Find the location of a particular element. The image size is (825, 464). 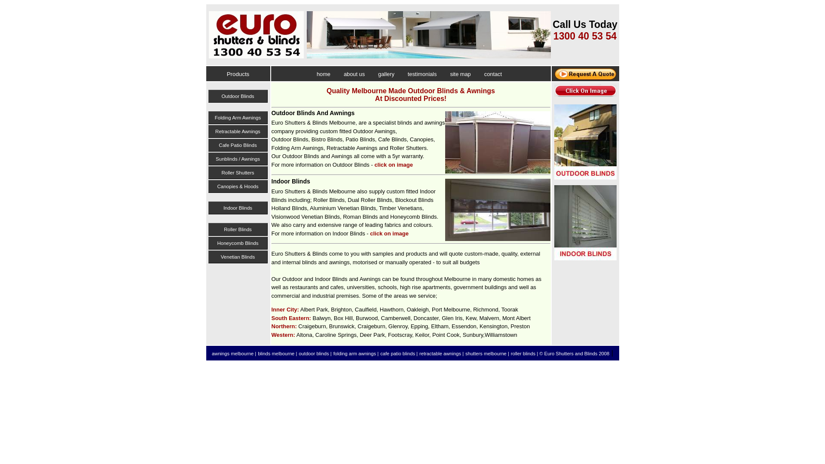

'Folding Arm Awnings' is located at coordinates (237, 117).